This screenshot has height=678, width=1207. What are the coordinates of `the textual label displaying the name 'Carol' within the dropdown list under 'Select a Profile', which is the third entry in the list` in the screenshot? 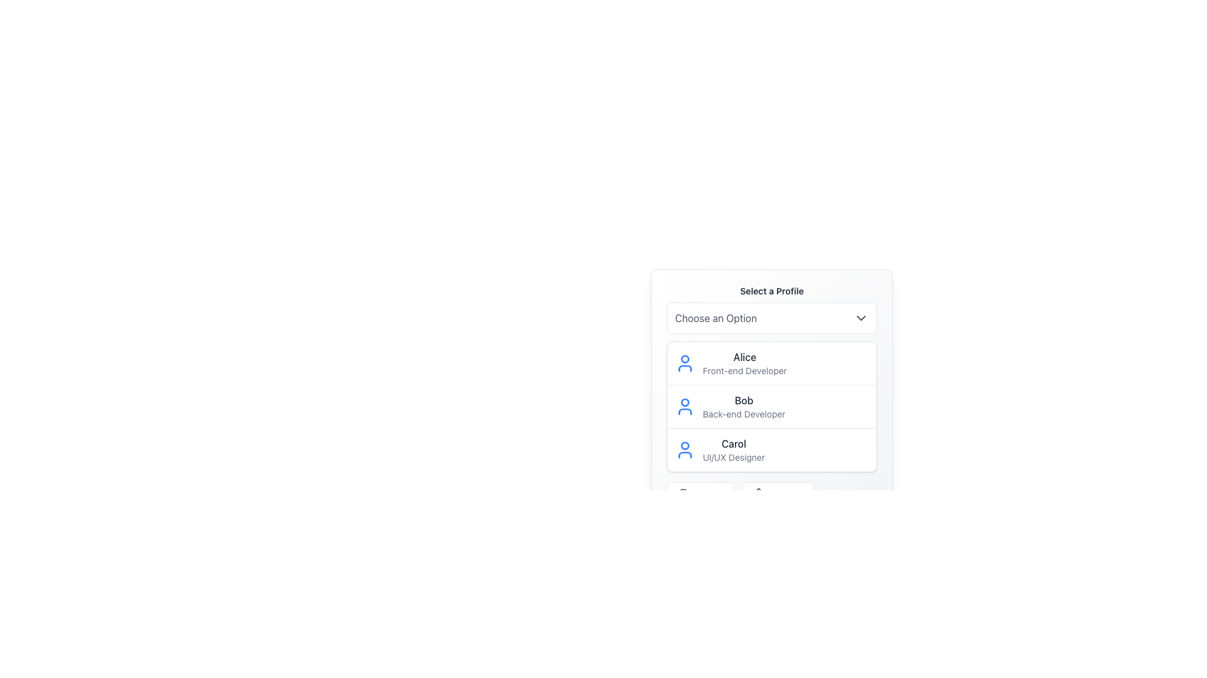 It's located at (734, 443).